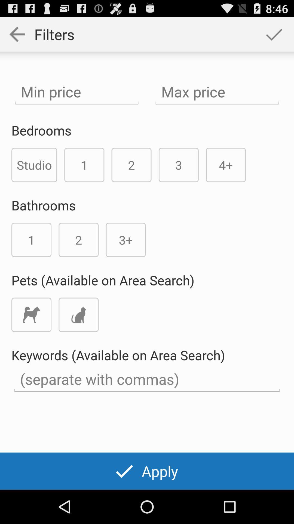  I want to click on the app to the right of the filters app, so click(274, 34).